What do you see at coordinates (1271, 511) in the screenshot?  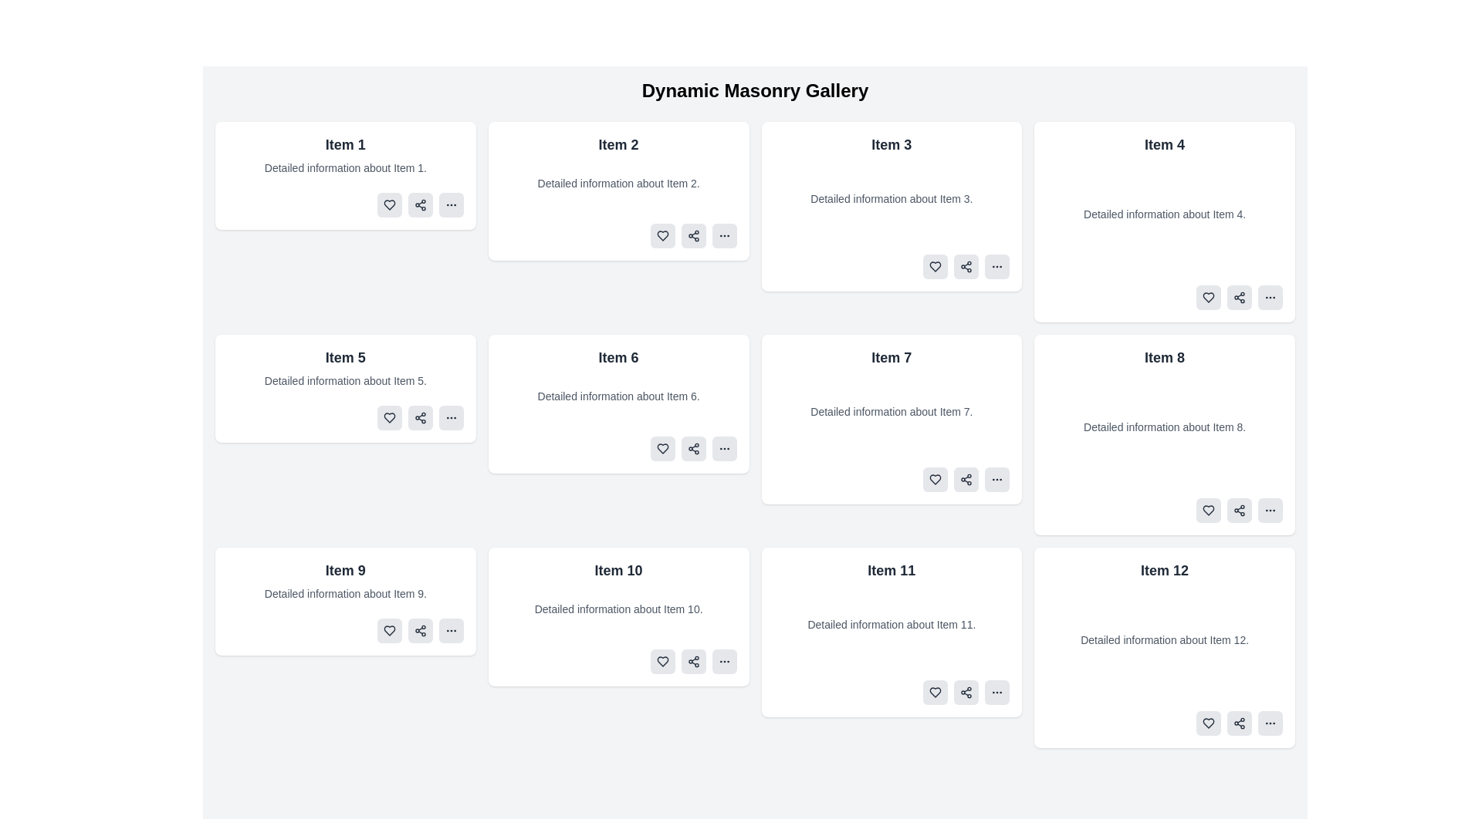 I see `the icon representing additional options or actions located at the bottom-right corner of the 'Item 8' card` at bounding box center [1271, 511].